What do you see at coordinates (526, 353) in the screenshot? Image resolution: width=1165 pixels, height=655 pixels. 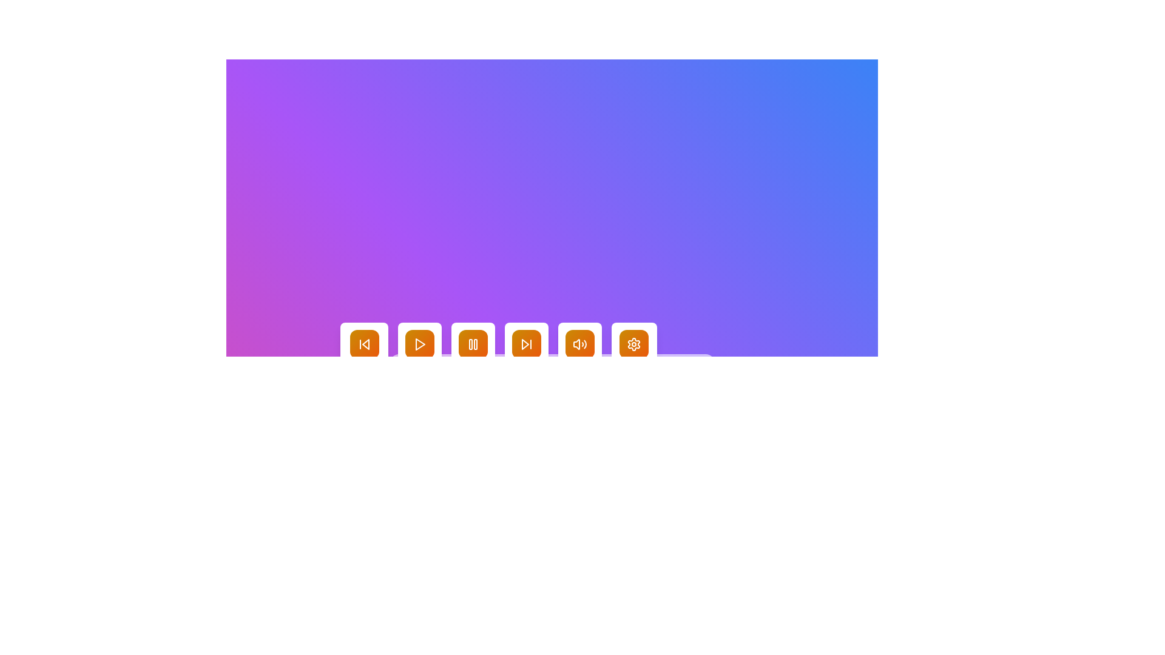 I see `the fourth button in the group that allows the user to skip to the next item or track, located between the 'Pause' and 'Volume' buttons` at bounding box center [526, 353].